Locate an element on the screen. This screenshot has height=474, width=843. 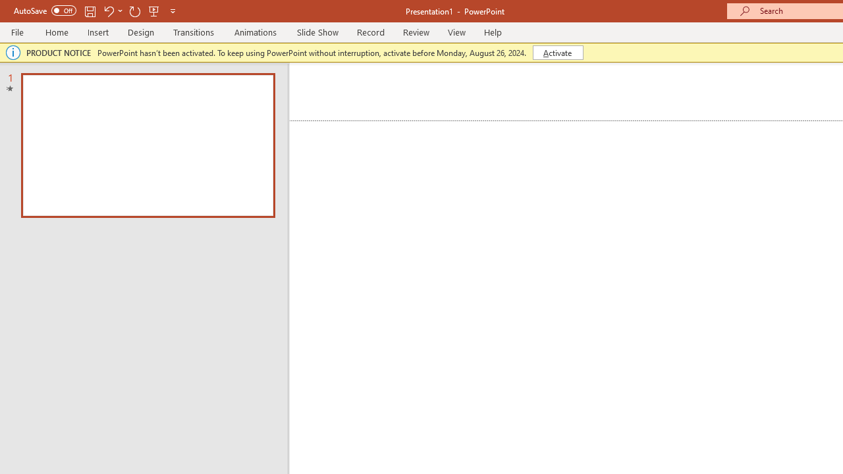
'From Beginning' is located at coordinates (154, 11).